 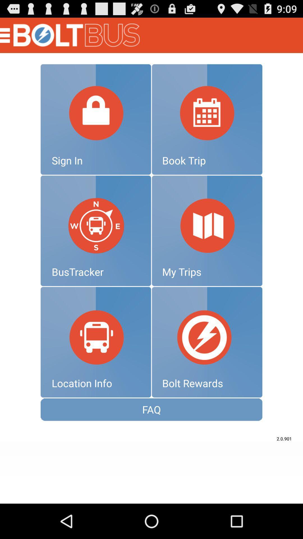 I want to click on schedule to book trip, so click(x=207, y=119).